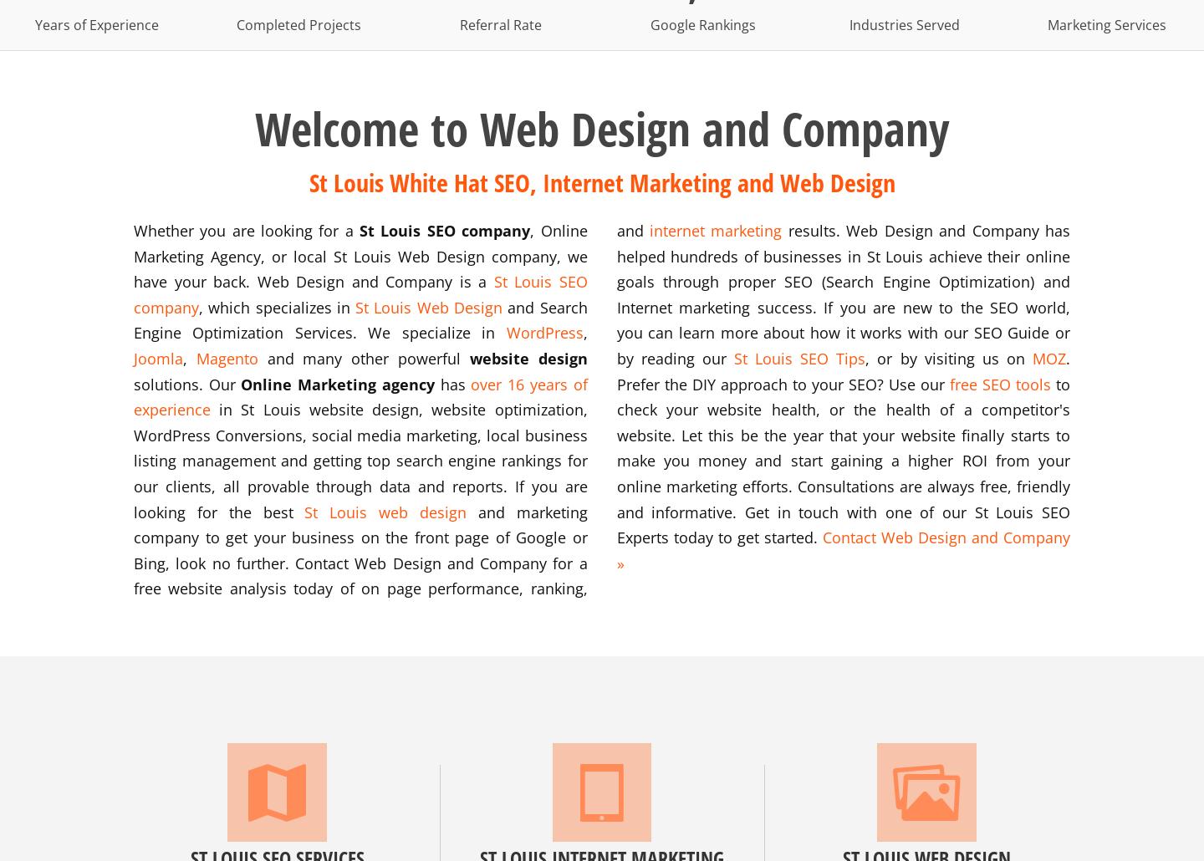 The width and height of the screenshot is (1204, 861). Describe the element at coordinates (601, 182) in the screenshot. I see `'St Louis White Hat SEO, Internet Marketing and Web Design'` at that location.